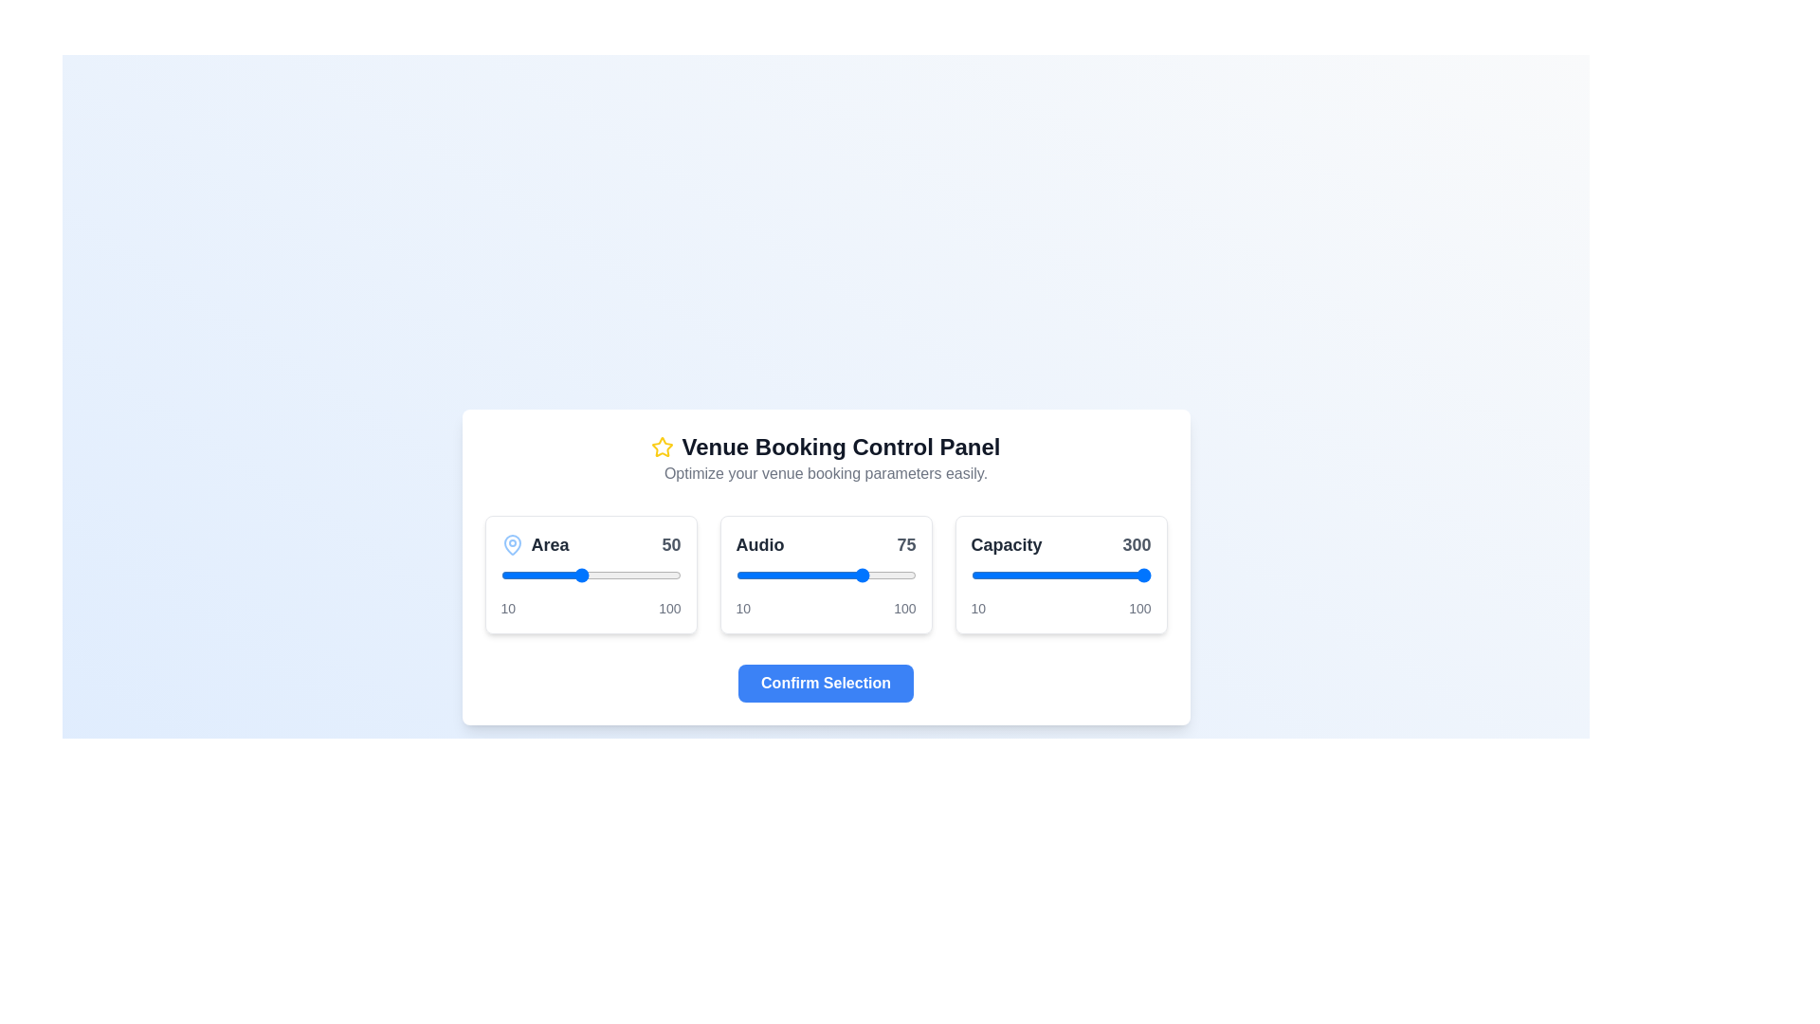  I want to click on the thumb handle of the Range slider control located in the 'Area' section, below the 'Area 50' label, so click(590, 574).